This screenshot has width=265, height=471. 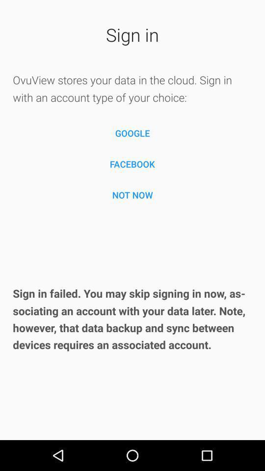 What do you see at coordinates (132, 164) in the screenshot?
I see `the icon above the not now` at bounding box center [132, 164].